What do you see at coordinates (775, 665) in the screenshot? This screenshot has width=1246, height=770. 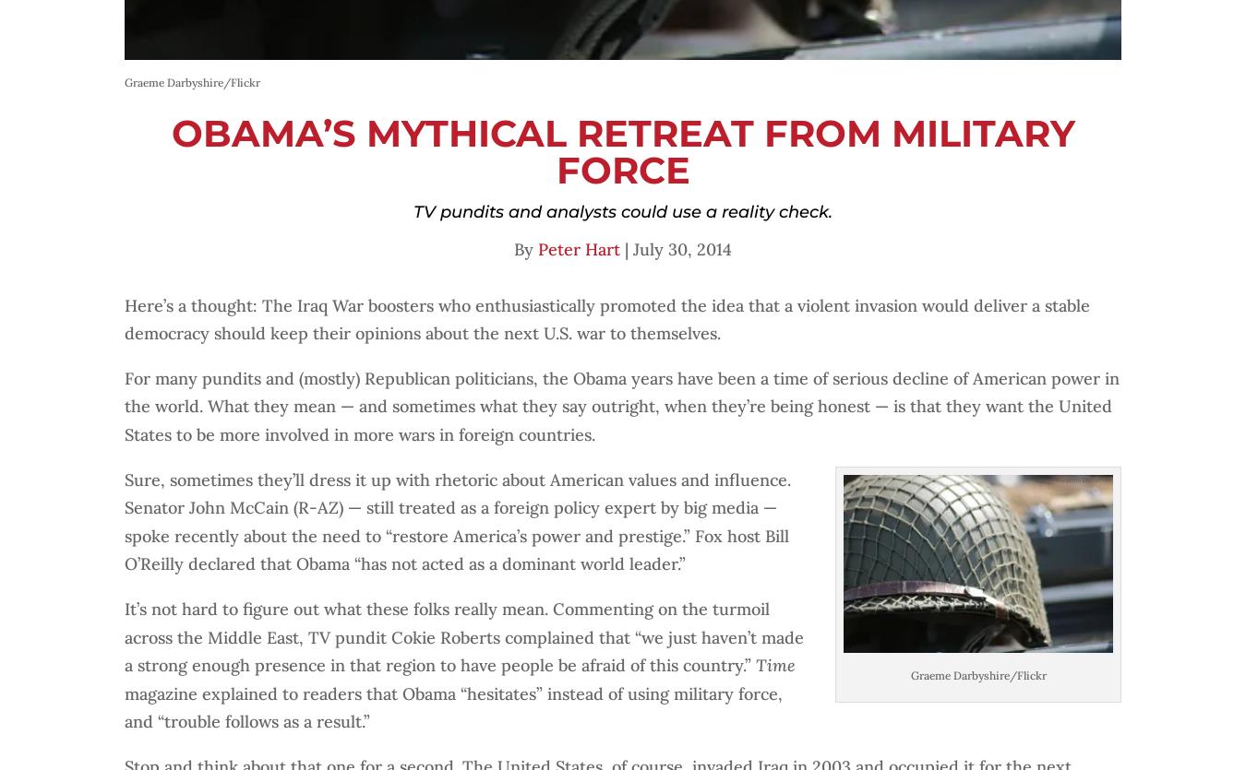 I see `'Time'` at bounding box center [775, 665].